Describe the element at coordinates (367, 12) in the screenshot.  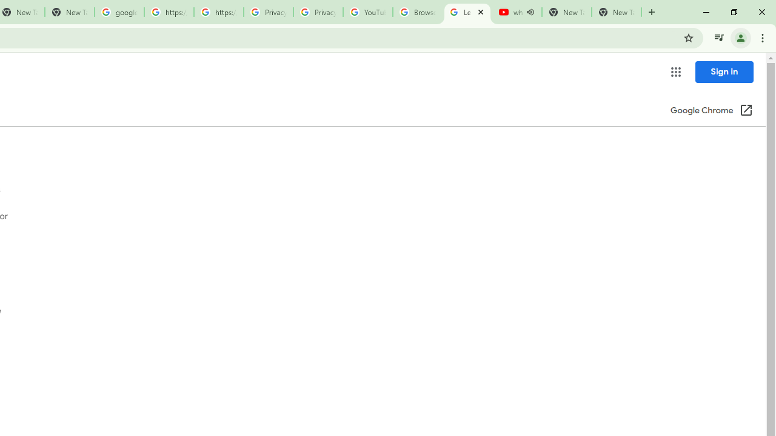
I see `'YouTube'` at that location.